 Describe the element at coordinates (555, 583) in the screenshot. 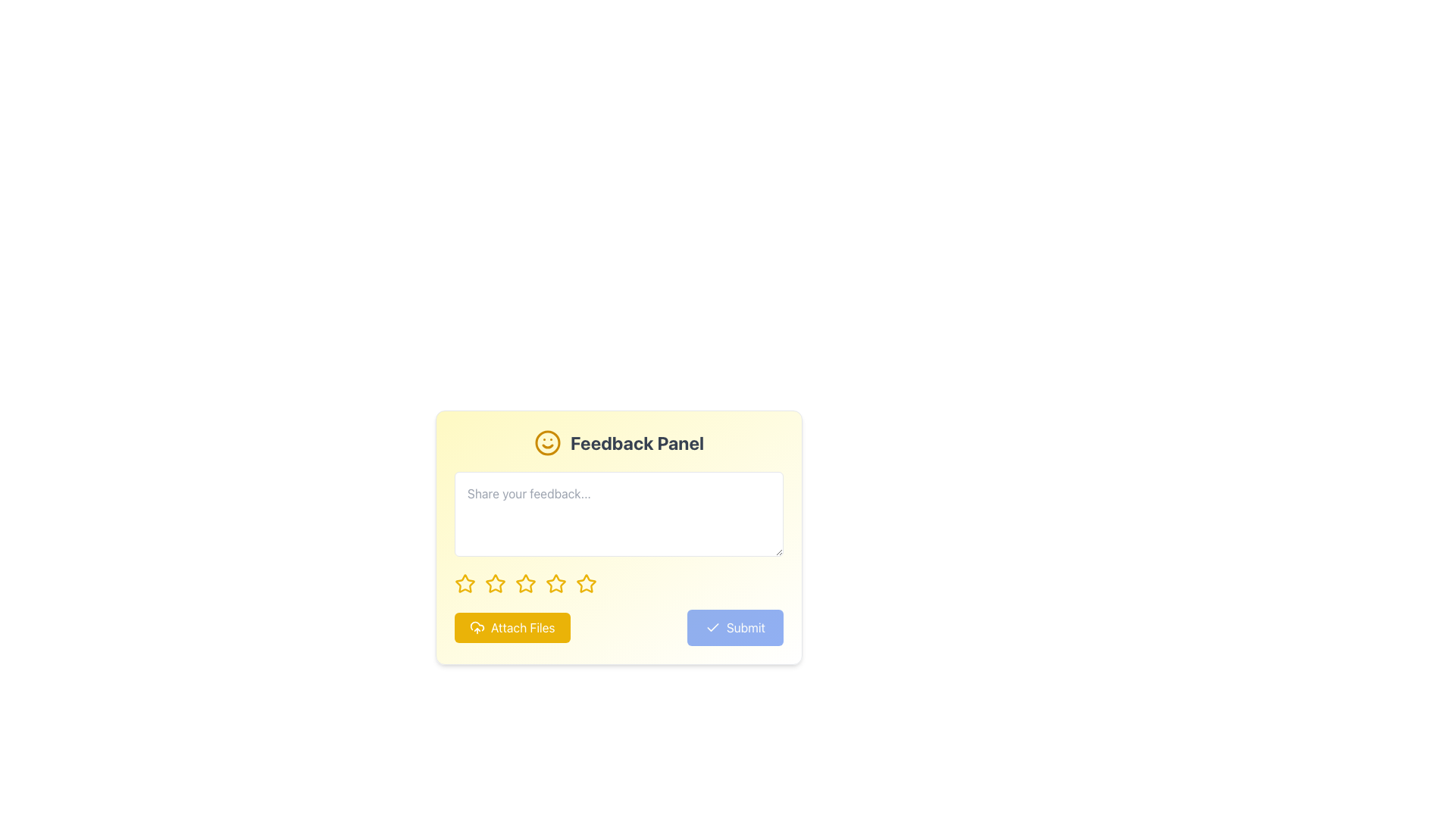

I see `the sixth star icon in the rating system located below the input box within the feedback form UI component` at that location.